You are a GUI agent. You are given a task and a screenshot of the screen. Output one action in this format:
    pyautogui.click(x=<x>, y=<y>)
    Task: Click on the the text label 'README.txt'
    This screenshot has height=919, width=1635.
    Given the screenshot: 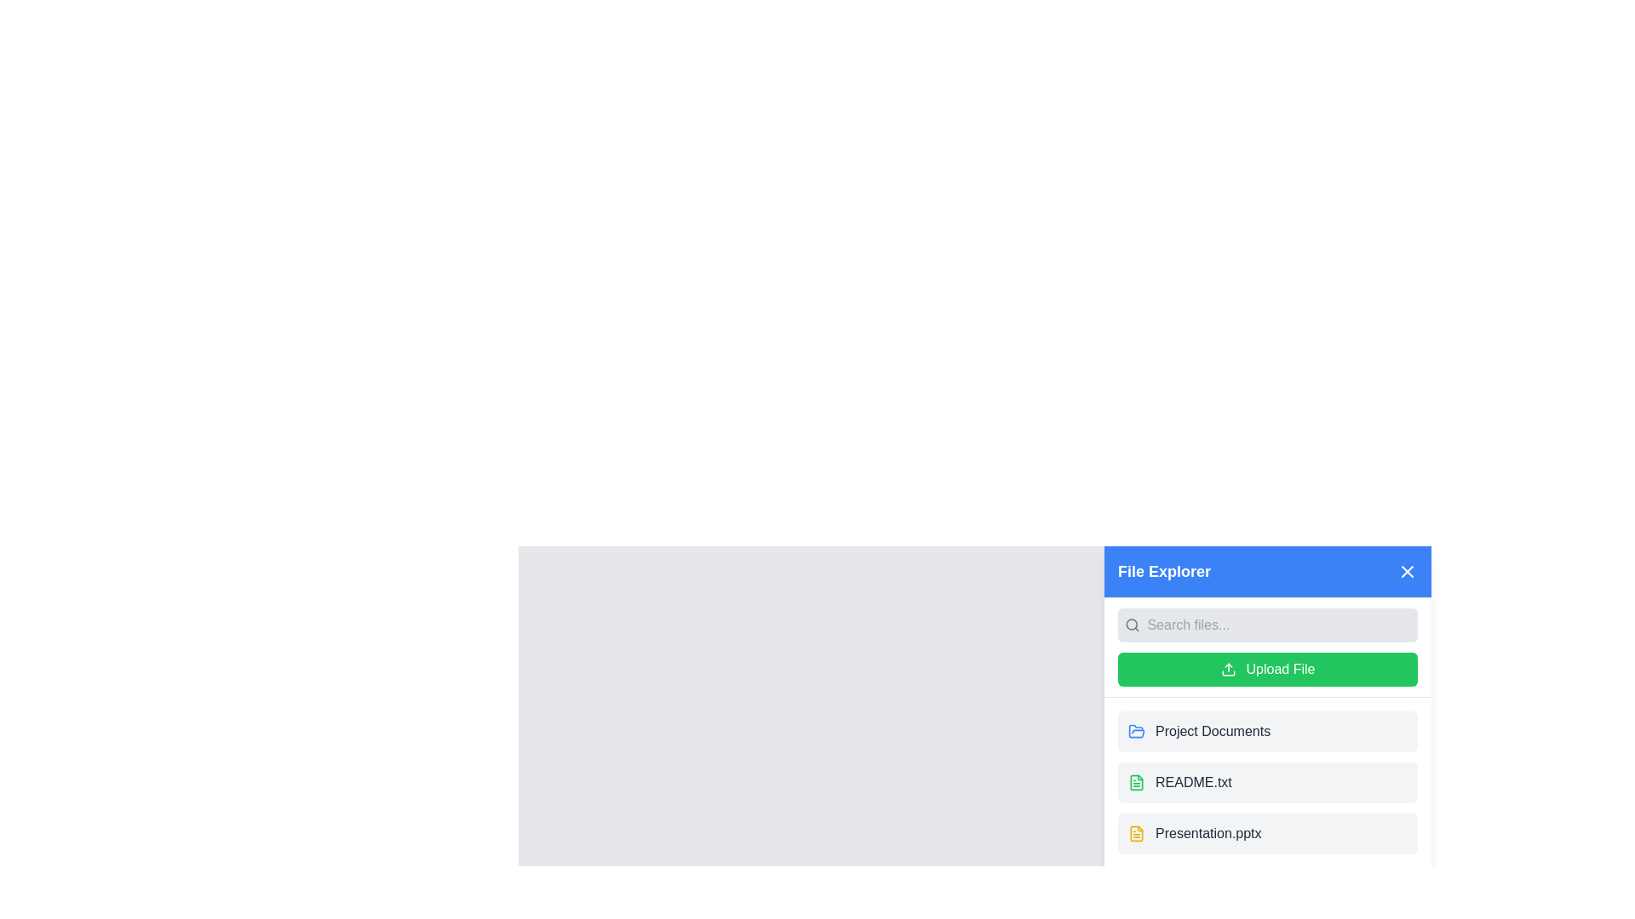 What is the action you would take?
    pyautogui.click(x=1192, y=783)
    